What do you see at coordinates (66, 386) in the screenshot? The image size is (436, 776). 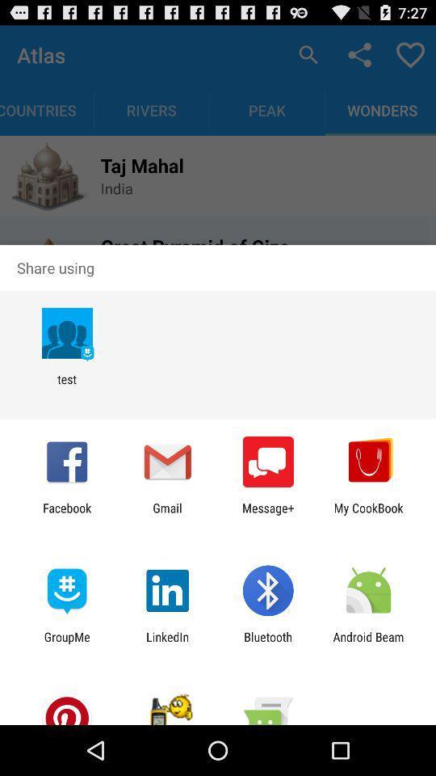 I see `the test` at bounding box center [66, 386].